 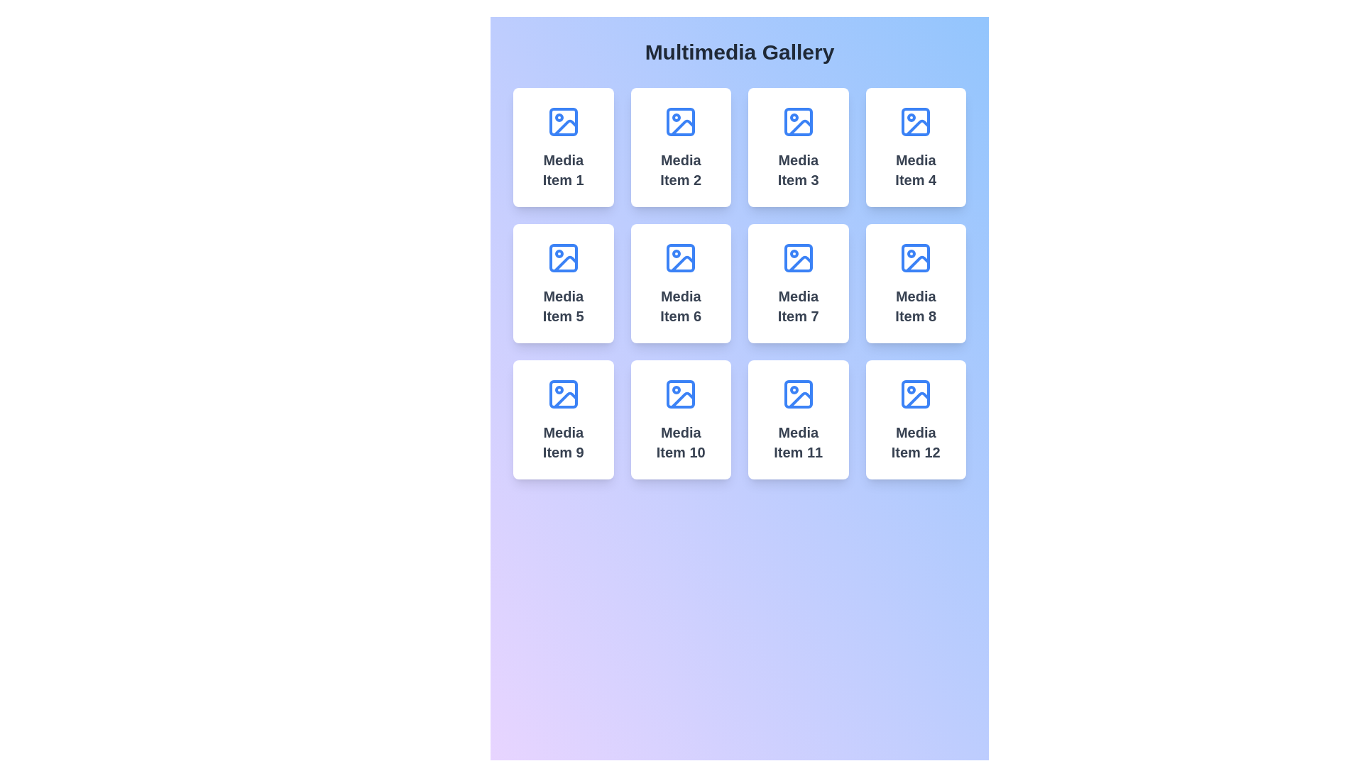 What do you see at coordinates (680, 257) in the screenshot?
I see `the icon located at the top-center of the card labeled 'Media Item 6'` at bounding box center [680, 257].